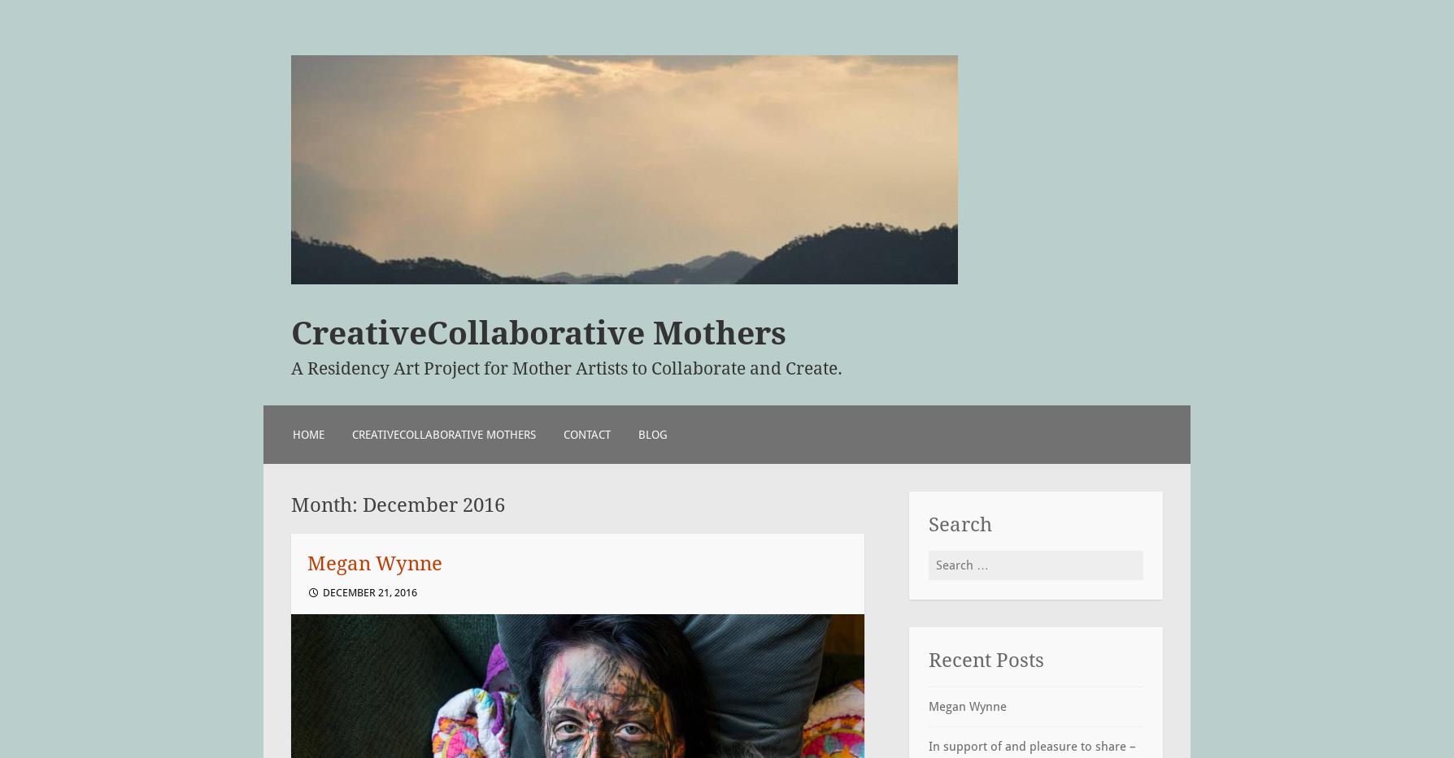 The height and width of the screenshot is (758, 1454). Describe the element at coordinates (370, 591) in the screenshot. I see `'December 21, 2016'` at that location.